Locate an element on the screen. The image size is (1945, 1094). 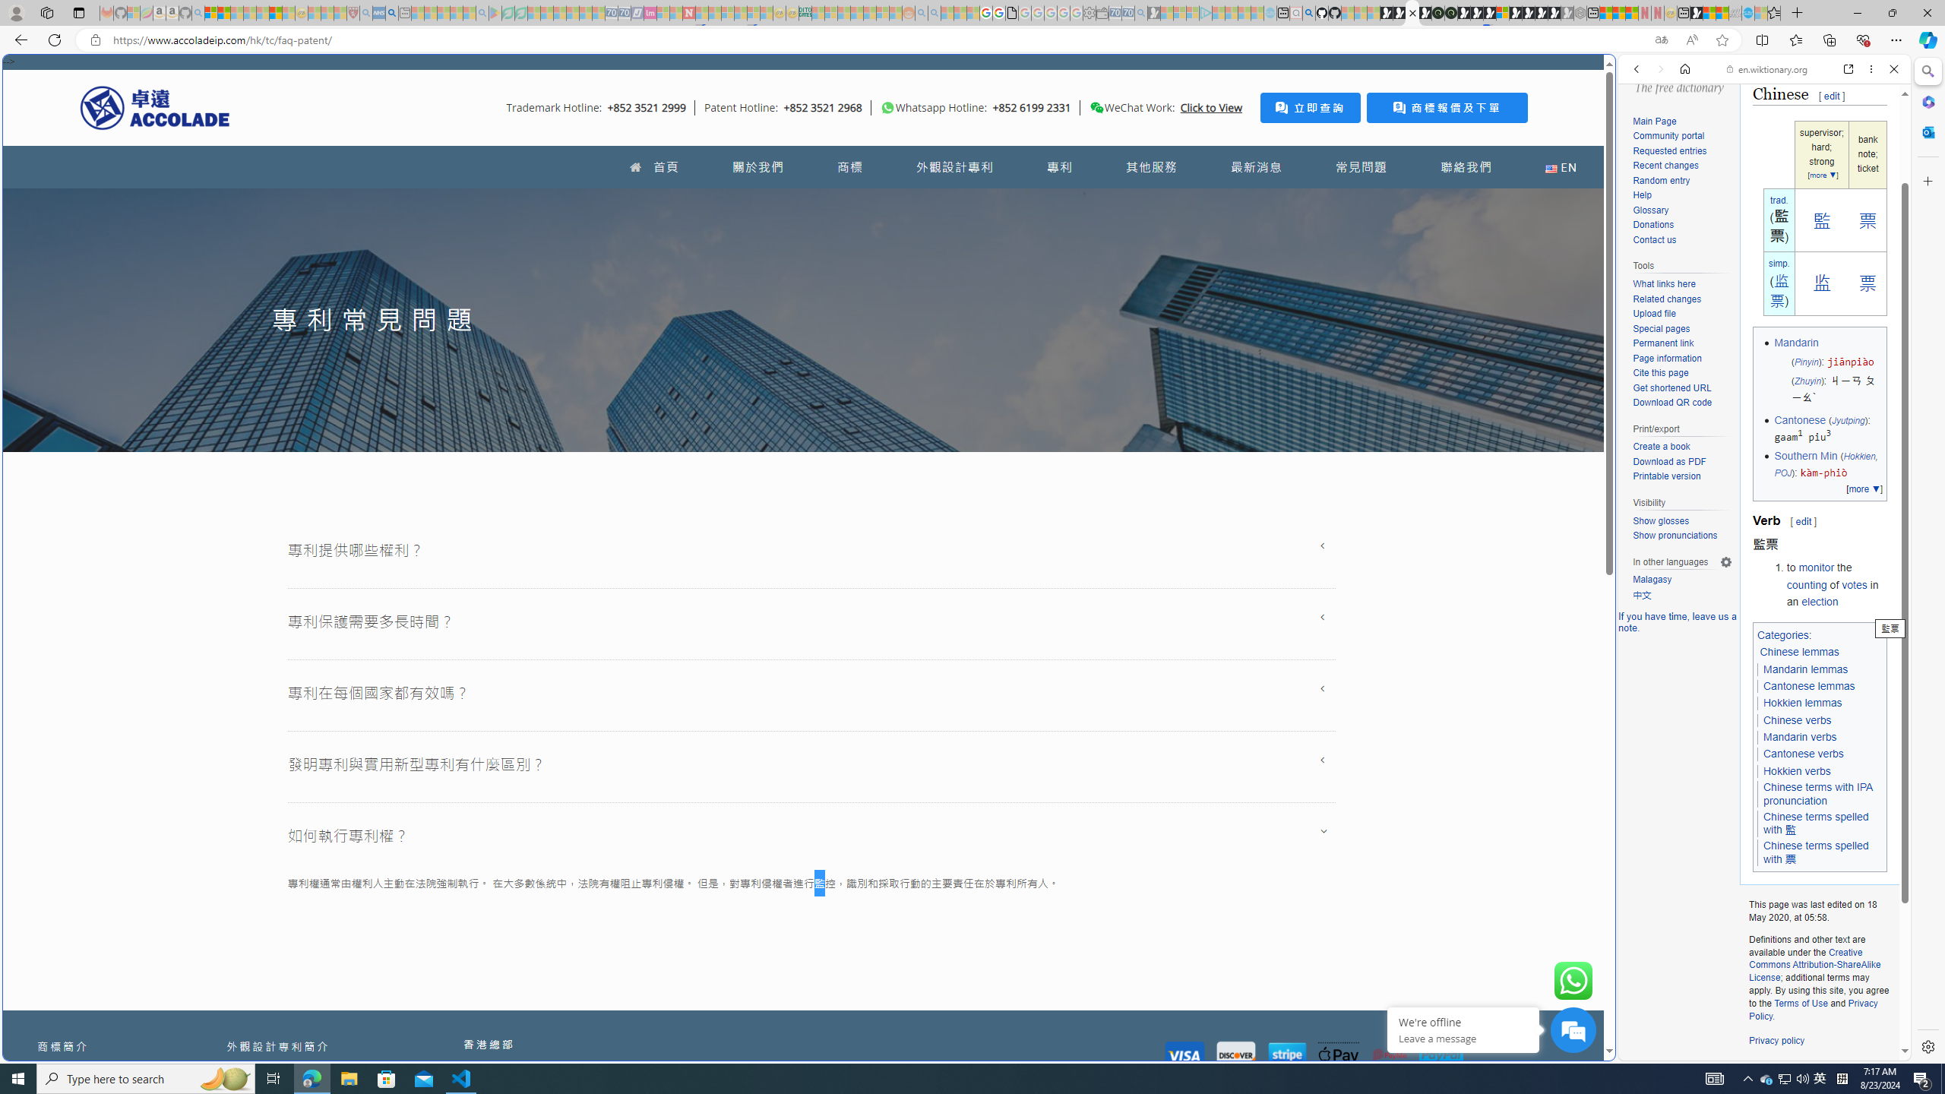
'Jyutping' is located at coordinates (1847, 419).